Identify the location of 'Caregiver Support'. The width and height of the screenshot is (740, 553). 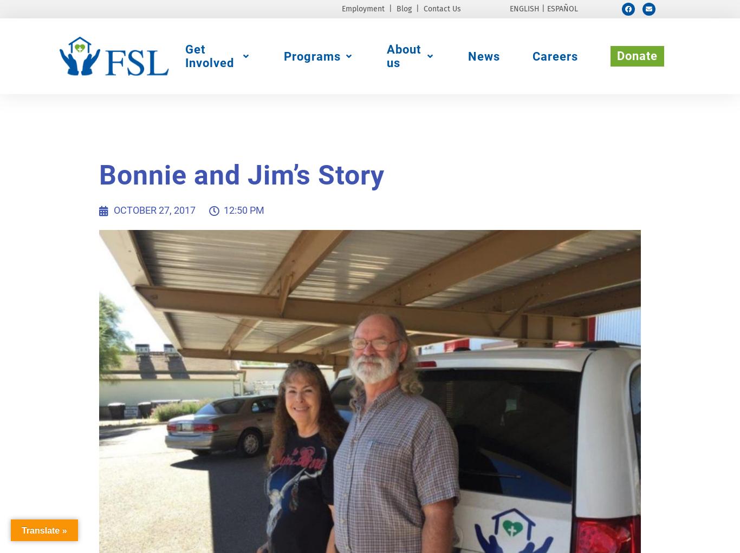
(542, 107).